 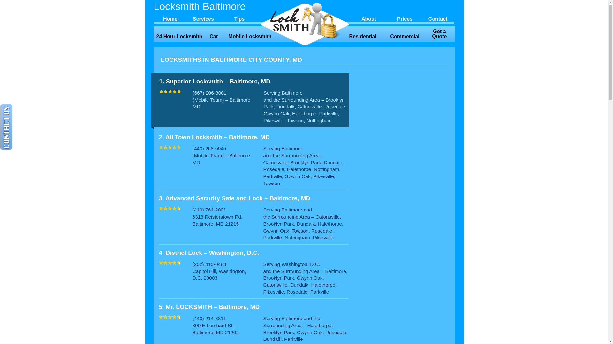 What do you see at coordinates (438, 18) in the screenshot?
I see `'Contact'` at bounding box center [438, 18].